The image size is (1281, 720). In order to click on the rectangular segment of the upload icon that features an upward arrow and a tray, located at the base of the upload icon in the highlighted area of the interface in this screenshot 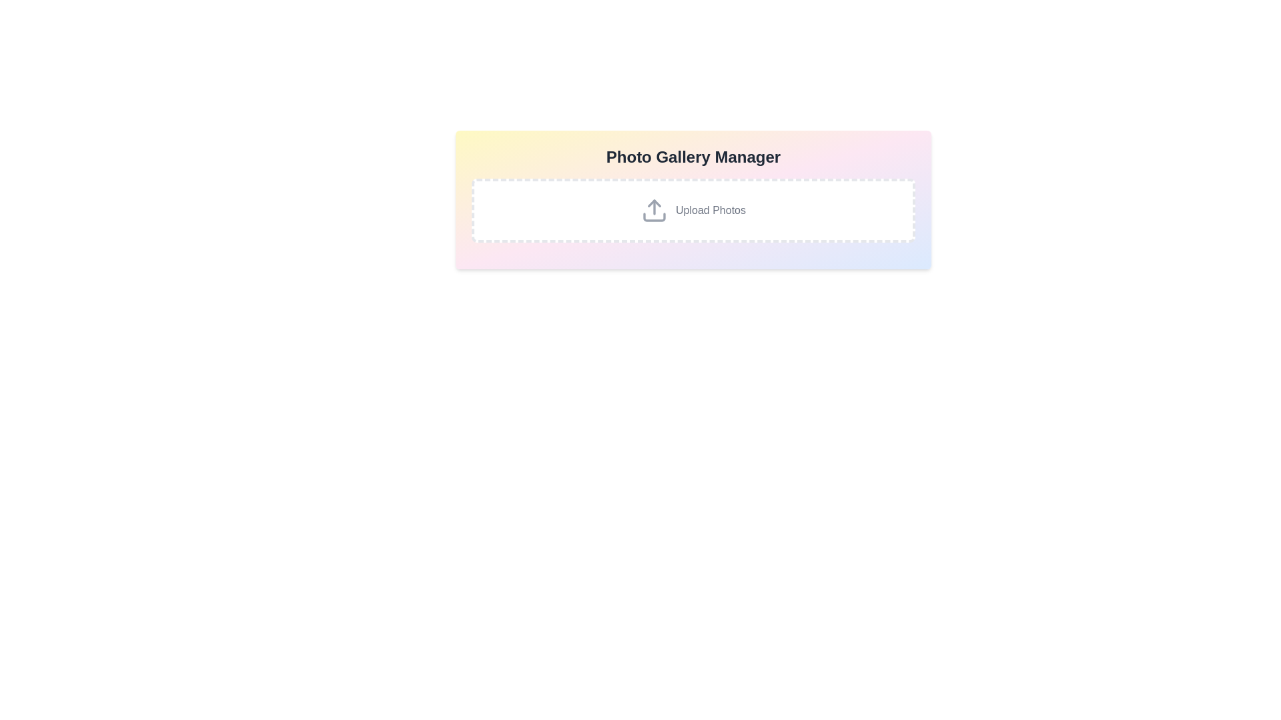, I will do `click(654, 217)`.